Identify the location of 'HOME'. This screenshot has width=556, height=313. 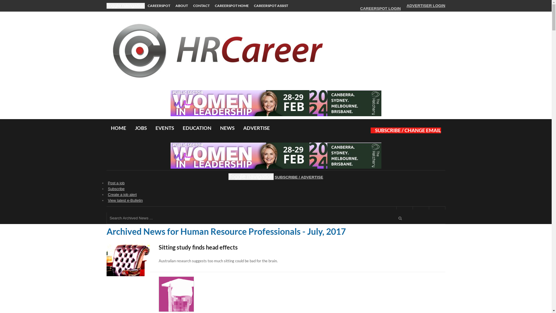
(118, 128).